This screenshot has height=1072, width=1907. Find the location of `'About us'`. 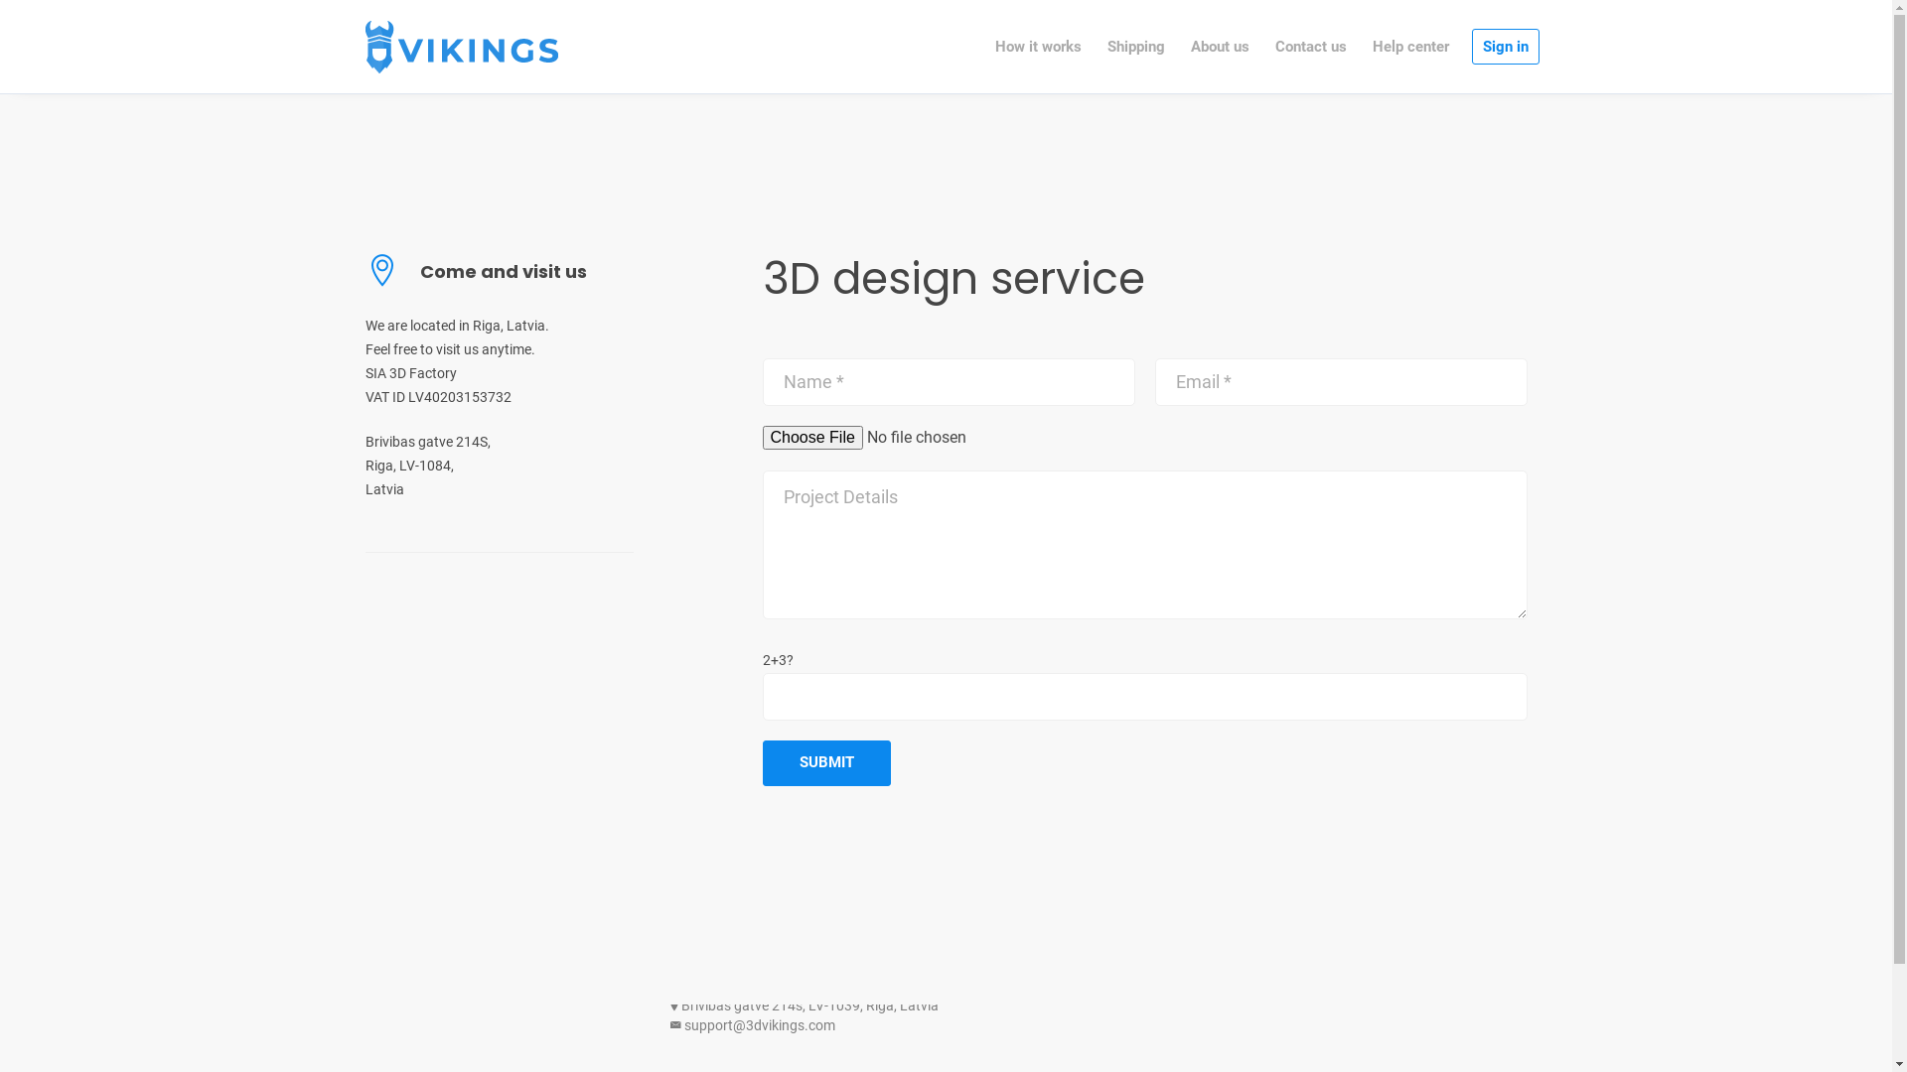

'About us' is located at coordinates (1220, 45).